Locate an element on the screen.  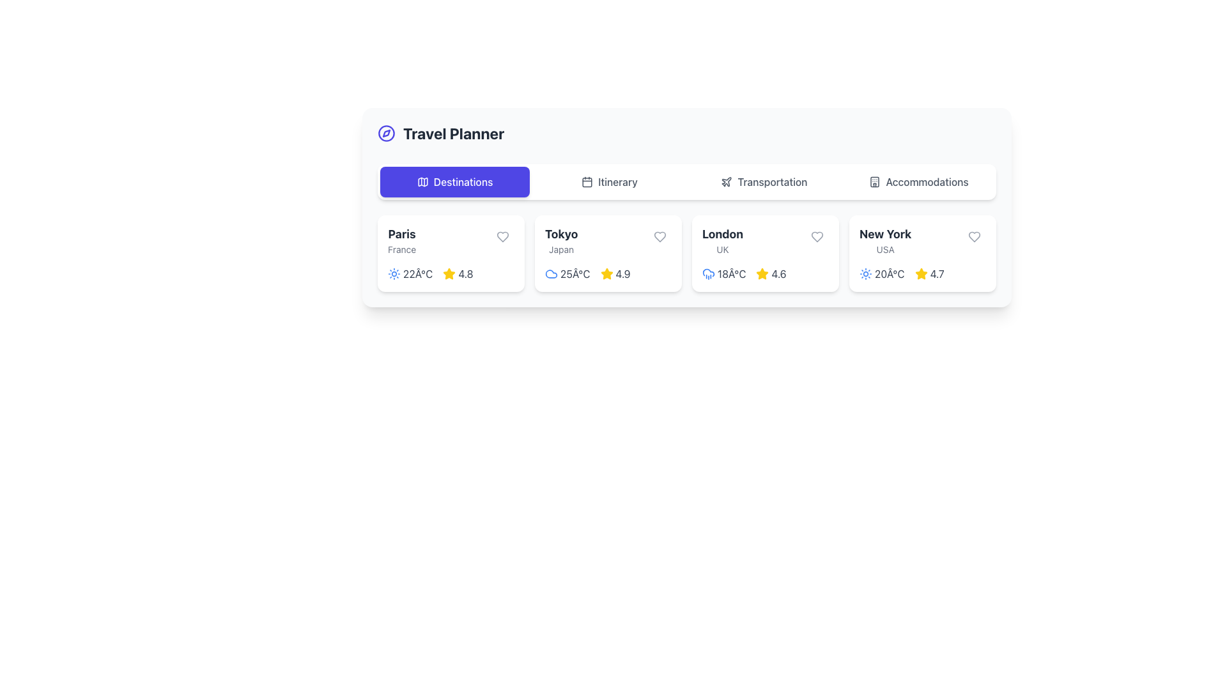
the accommodations navigation button located in the top-right of the user interface, which is the fourth button among four in the horizontal navigation bar is located at coordinates (918, 182).